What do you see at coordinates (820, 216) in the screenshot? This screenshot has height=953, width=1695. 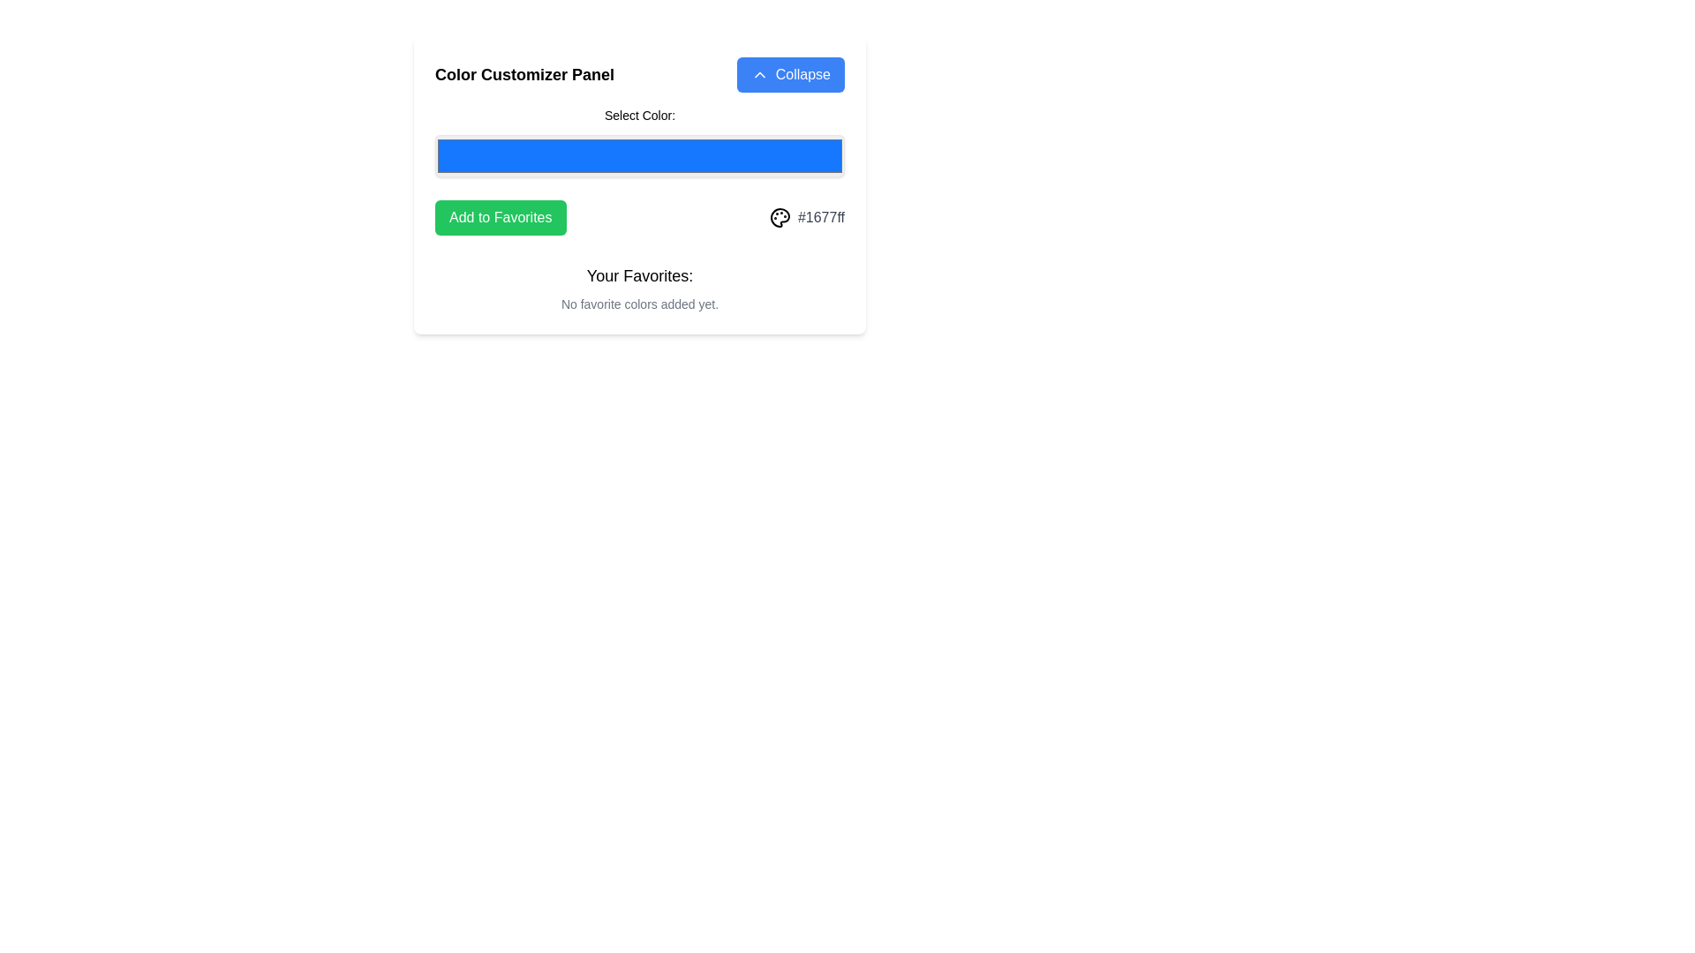 I see `displayed hexadecimal color code from the gray text label located to the right of the circular palette icon in the lower half of the color customization panel` at bounding box center [820, 216].